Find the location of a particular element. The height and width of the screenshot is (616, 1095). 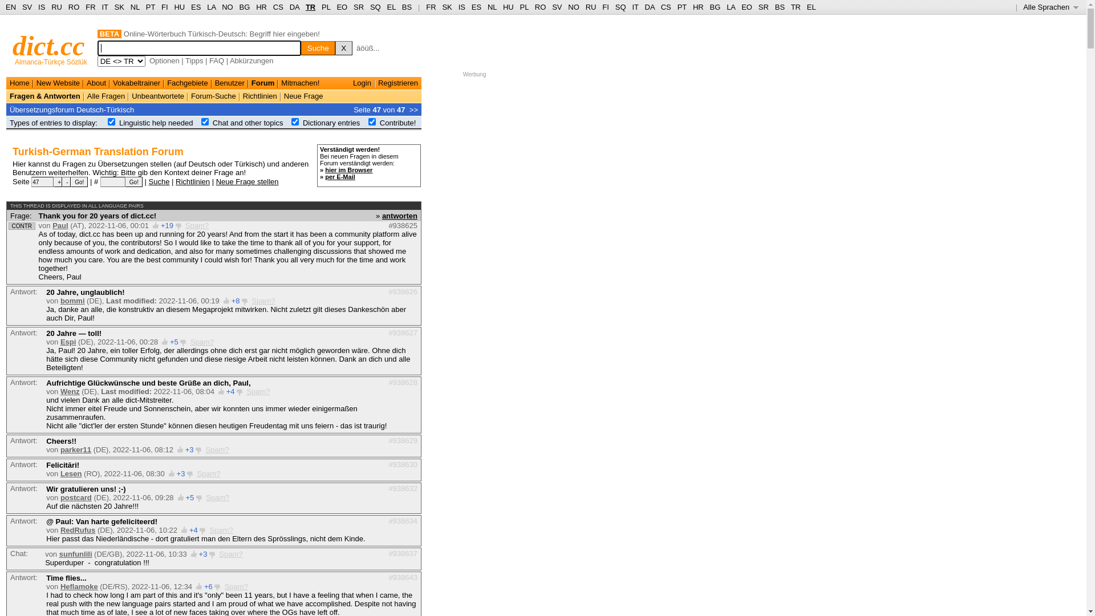

'SQ' is located at coordinates (620, 7).